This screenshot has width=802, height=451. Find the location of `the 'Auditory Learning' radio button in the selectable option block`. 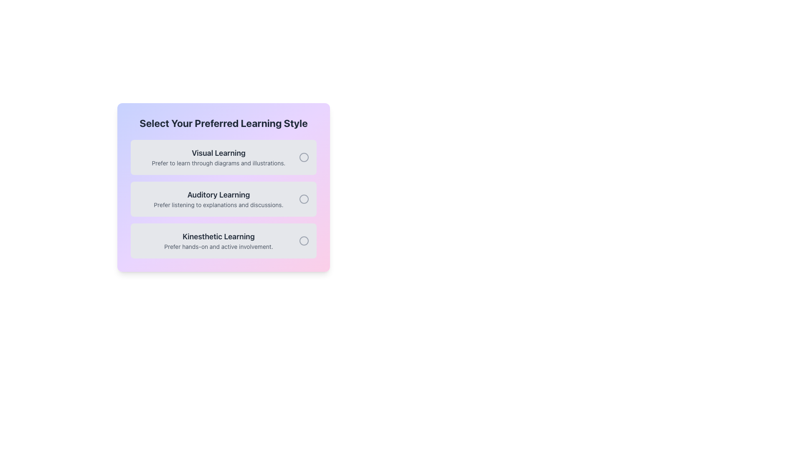

the 'Auditory Learning' radio button in the selectable option block is located at coordinates (223, 199).